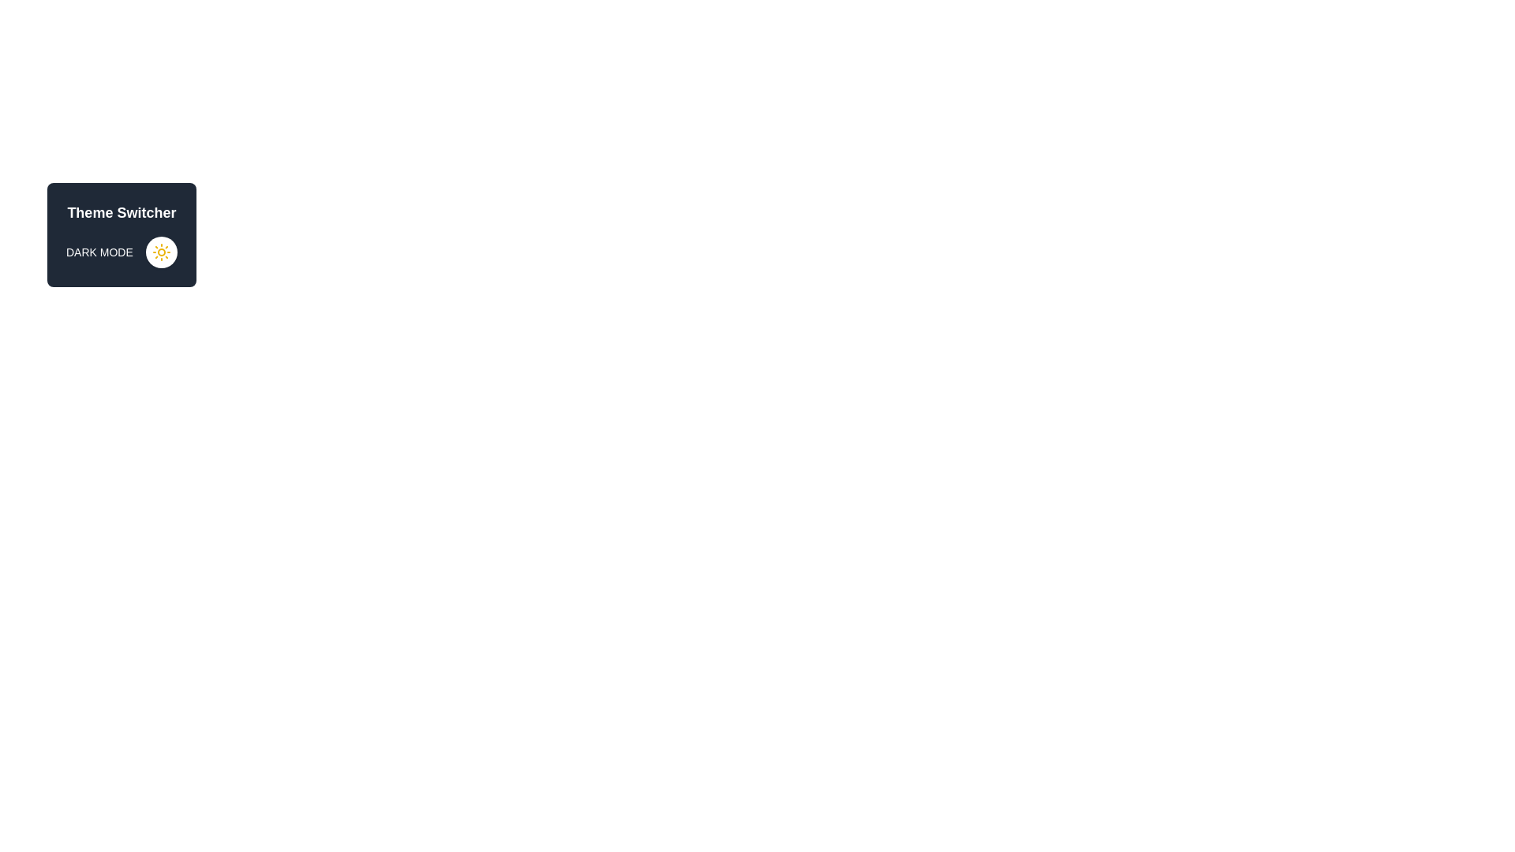  What do you see at coordinates (99, 252) in the screenshot?
I see `the 'DARK MODE' text label located in the bottom-left area of the 'Theme Switcher' card, positioned next to a sun icon` at bounding box center [99, 252].